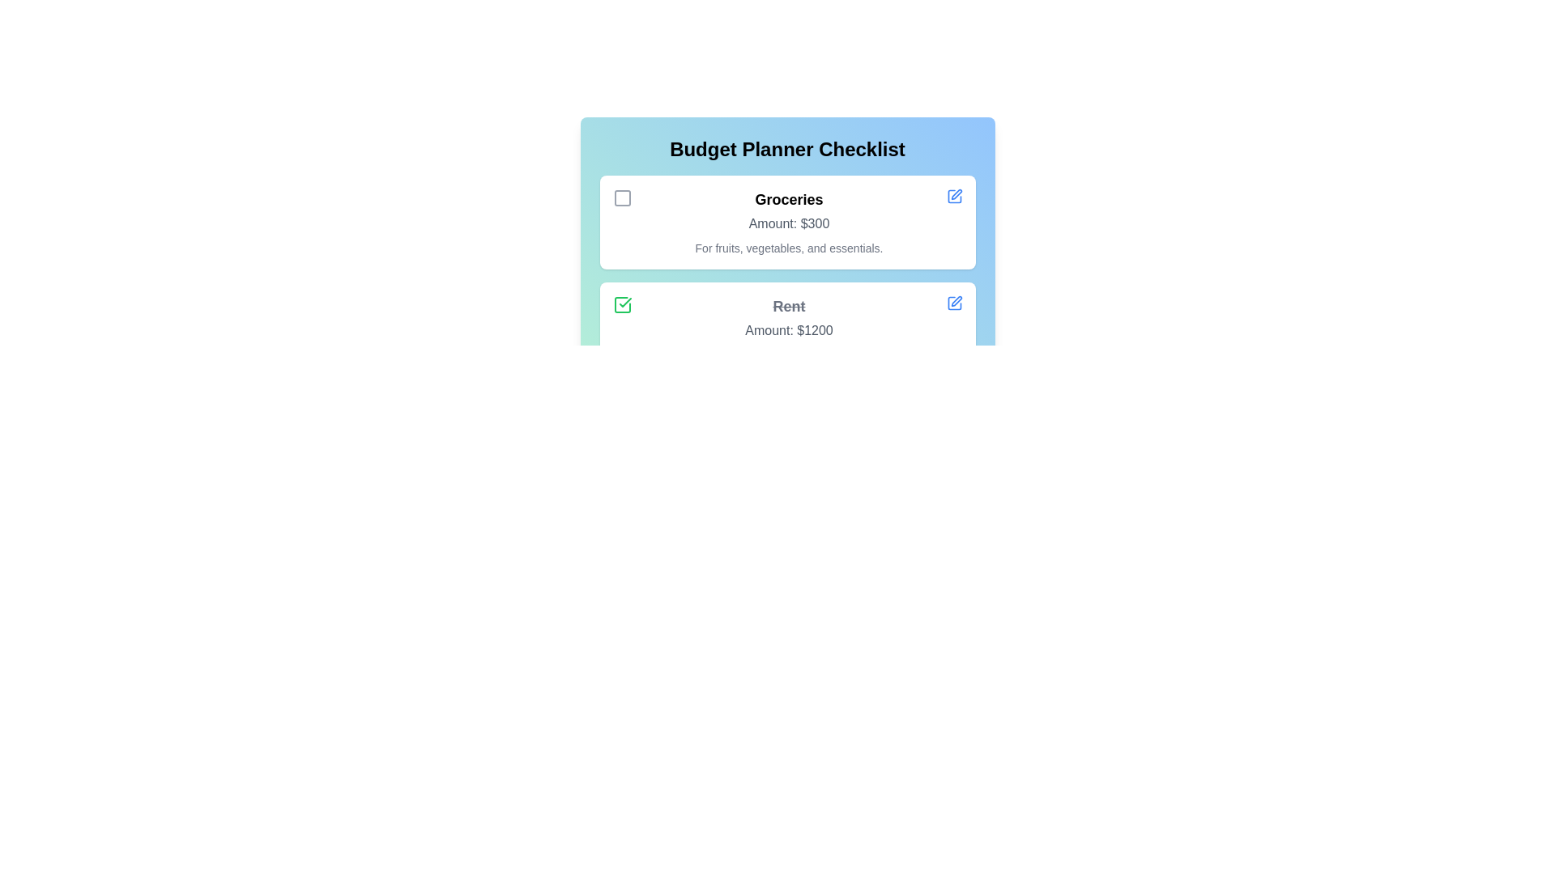 The height and width of the screenshot is (874, 1555). I want to click on the edit button for the checklist item Rent, so click(954, 303).